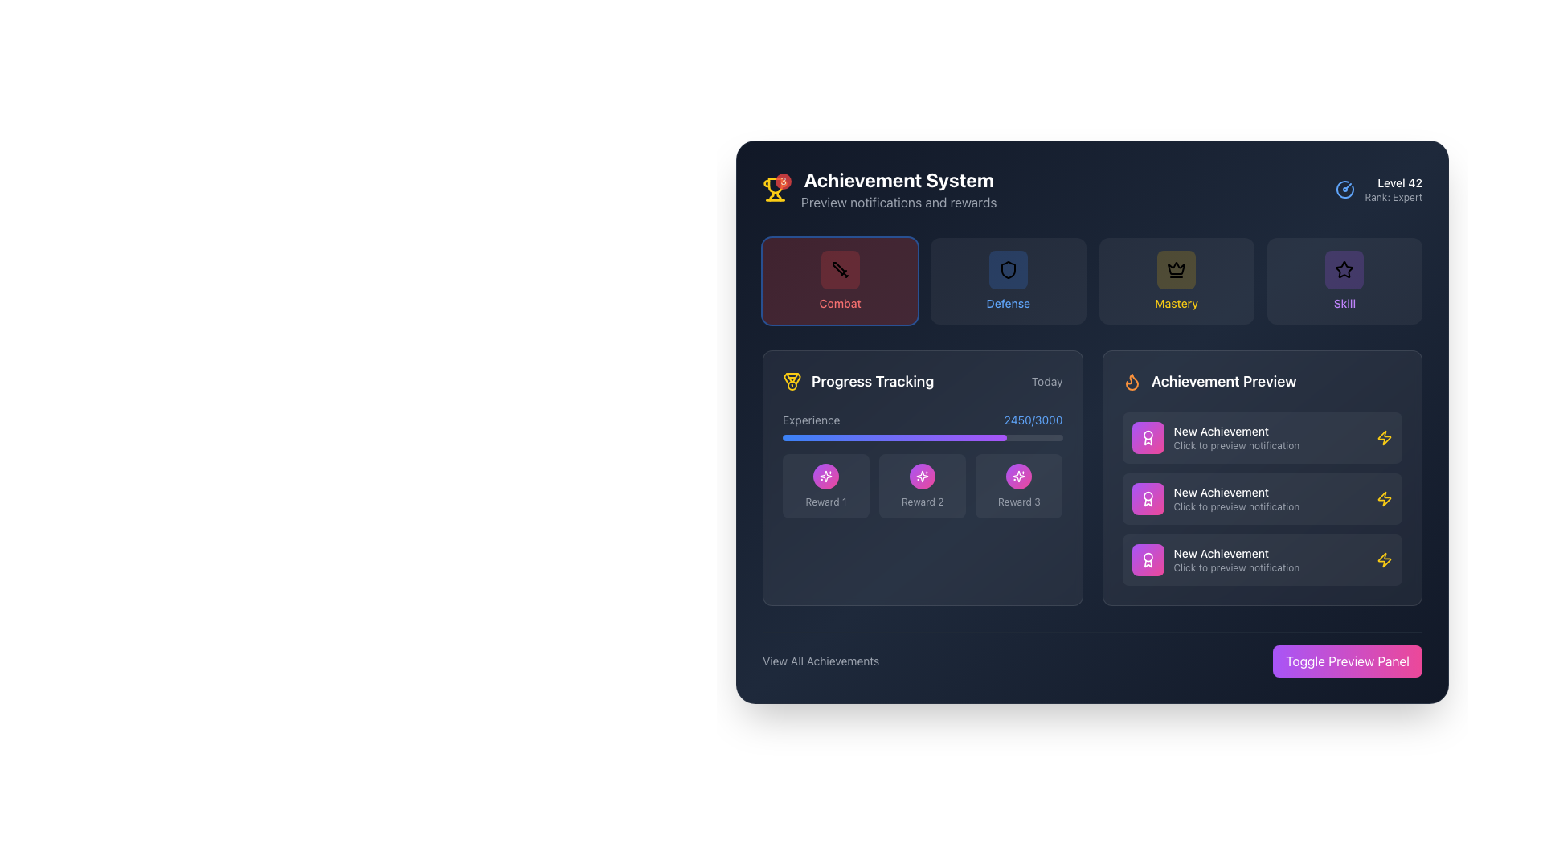  I want to click on the static informational text component that displays 'Click, so click(1269, 446).